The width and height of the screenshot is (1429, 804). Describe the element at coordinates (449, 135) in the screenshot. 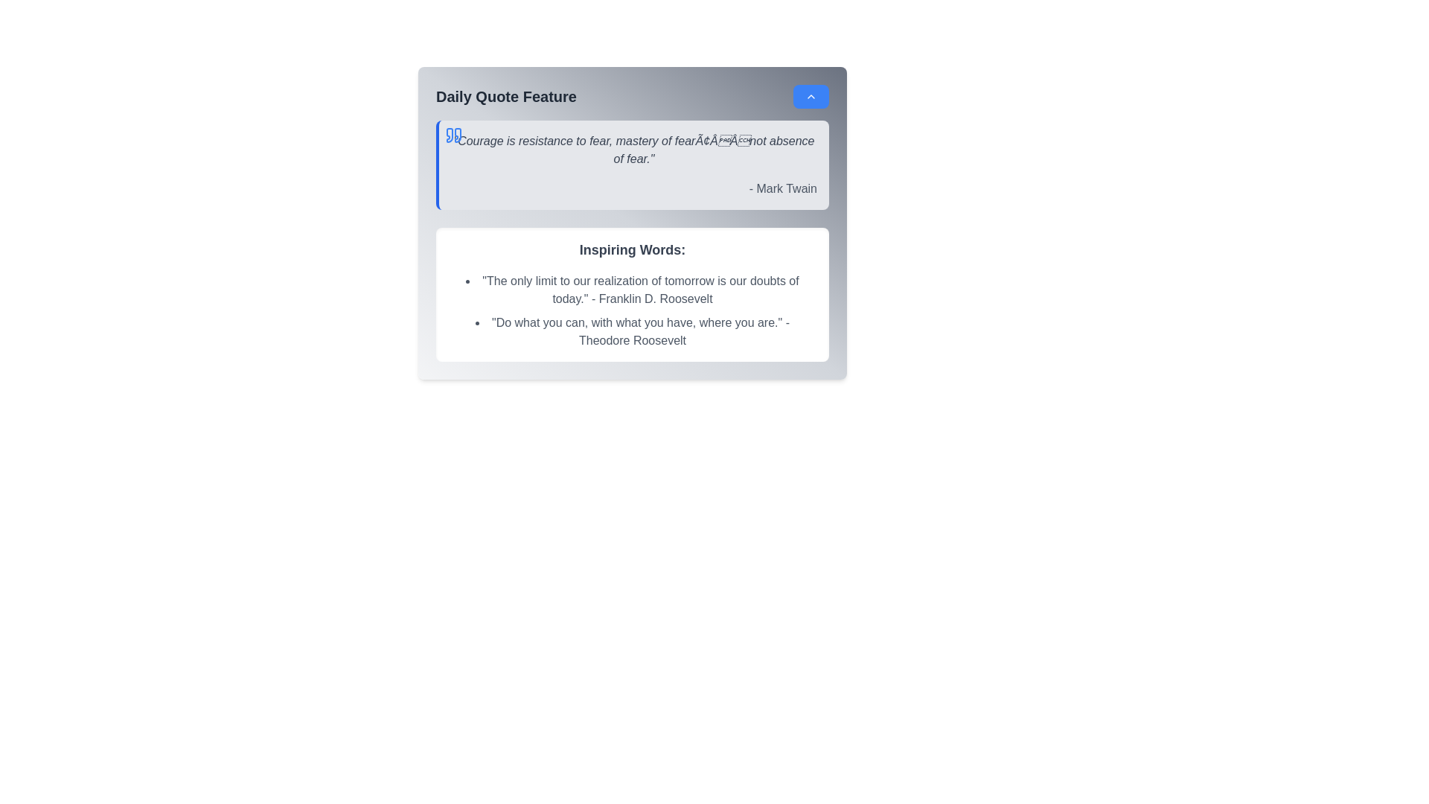

I see `the small blue quotation mark icon located at the top left corner of the text box containing 'Courage is resistance to fear...'` at that location.